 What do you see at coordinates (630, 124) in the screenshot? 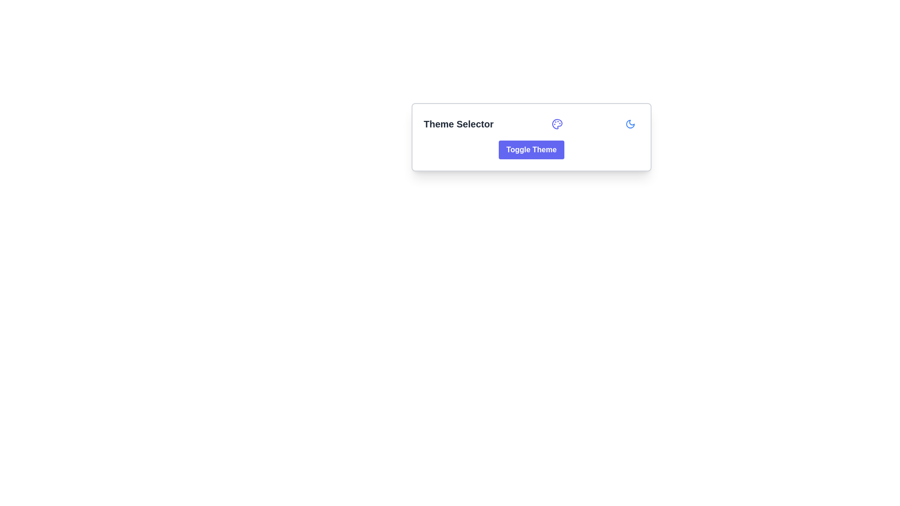
I see `the moon icon, which is a blue-tinted circular shape with a crescent-like cutout, located in the top-right corner of the theme selector card` at bounding box center [630, 124].